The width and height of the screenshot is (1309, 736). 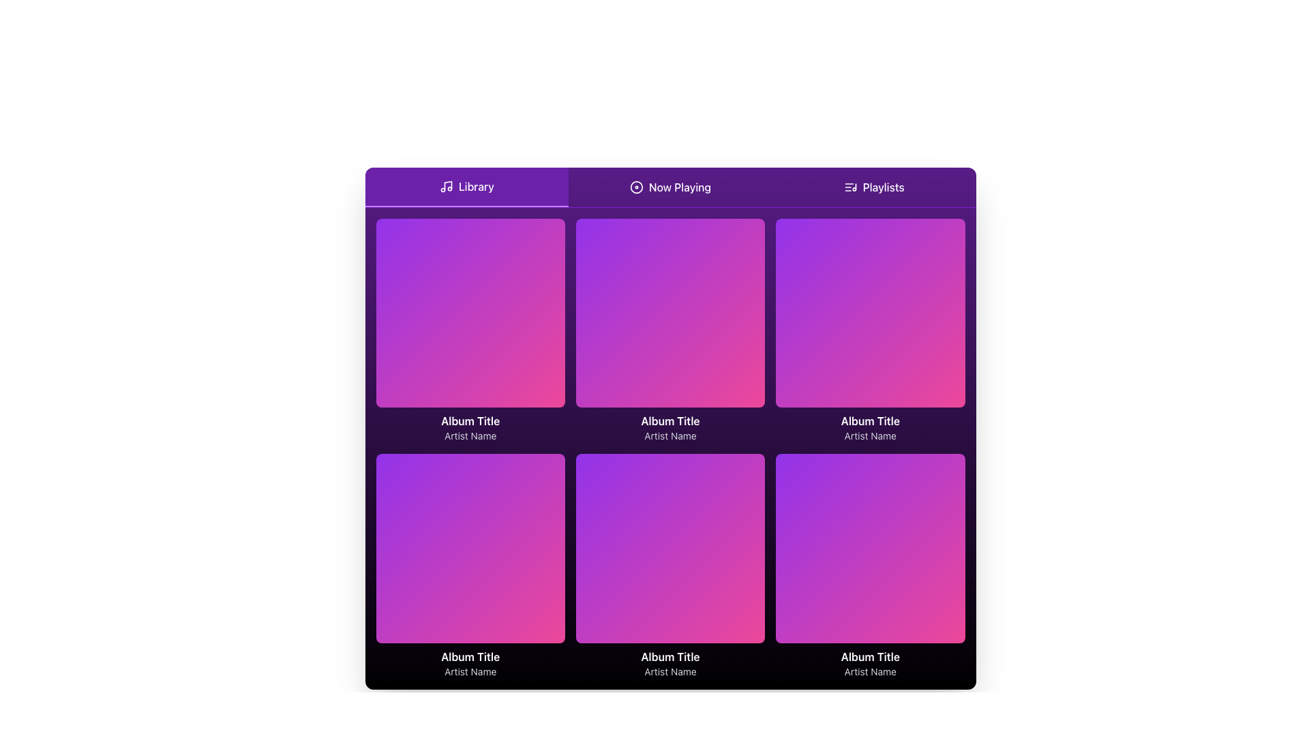 What do you see at coordinates (670, 662) in the screenshot?
I see `the Text and label component that displays the title and artist of an album, located in the bottom row and middle column of the grid layout` at bounding box center [670, 662].